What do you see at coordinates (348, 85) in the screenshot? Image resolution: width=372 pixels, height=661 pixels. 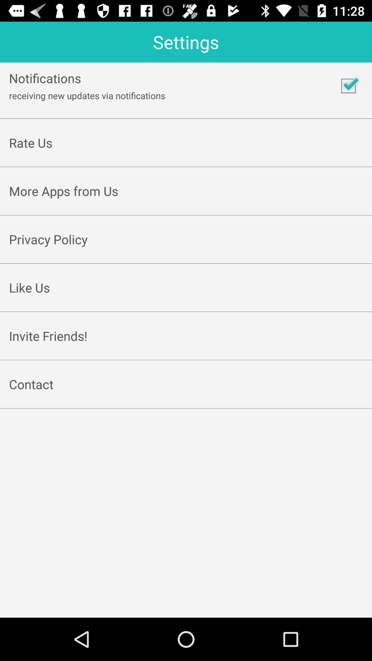 I see `icon next to receiving new updates` at bounding box center [348, 85].